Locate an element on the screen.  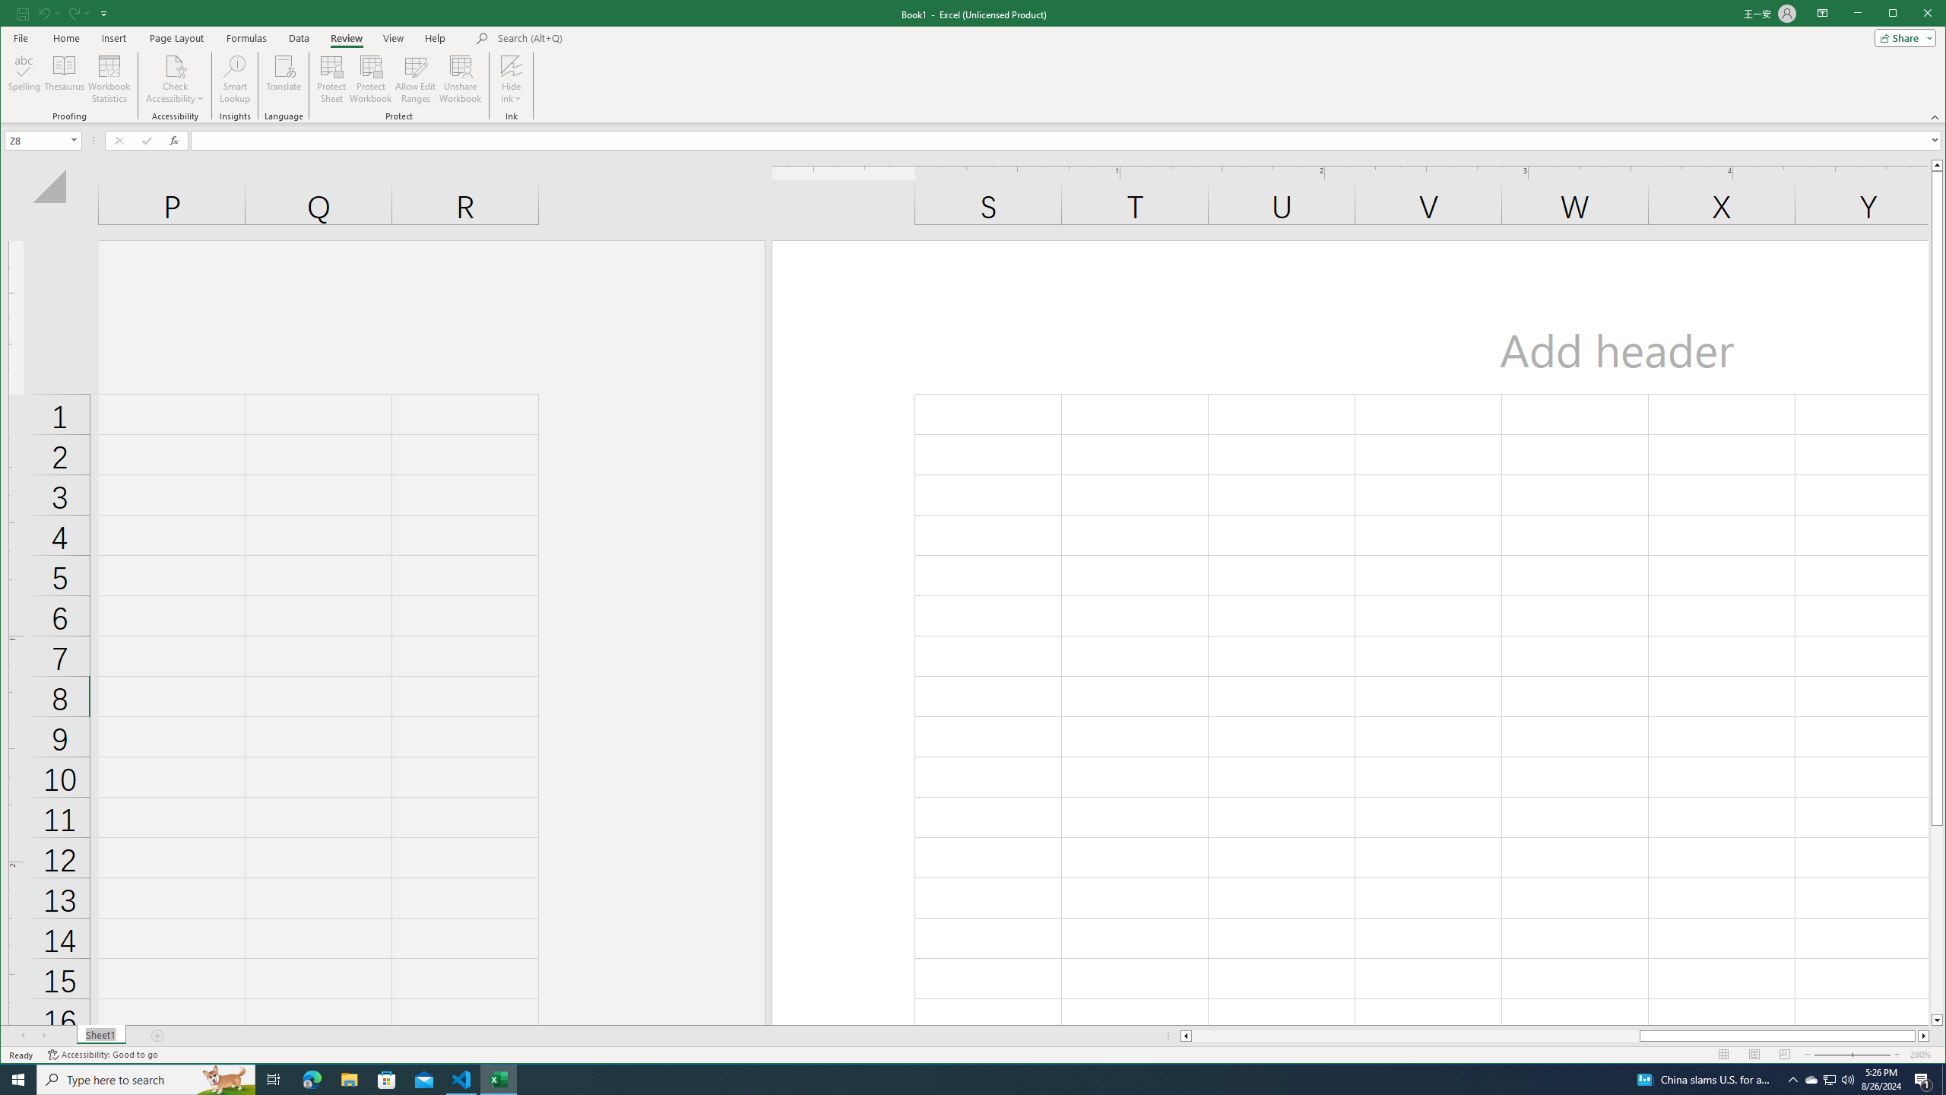
'Class: MsoCommandBar' is located at coordinates (973, 61).